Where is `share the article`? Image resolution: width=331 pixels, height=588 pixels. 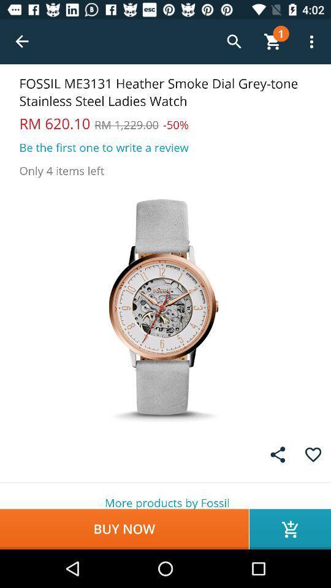 share the article is located at coordinates (278, 454).